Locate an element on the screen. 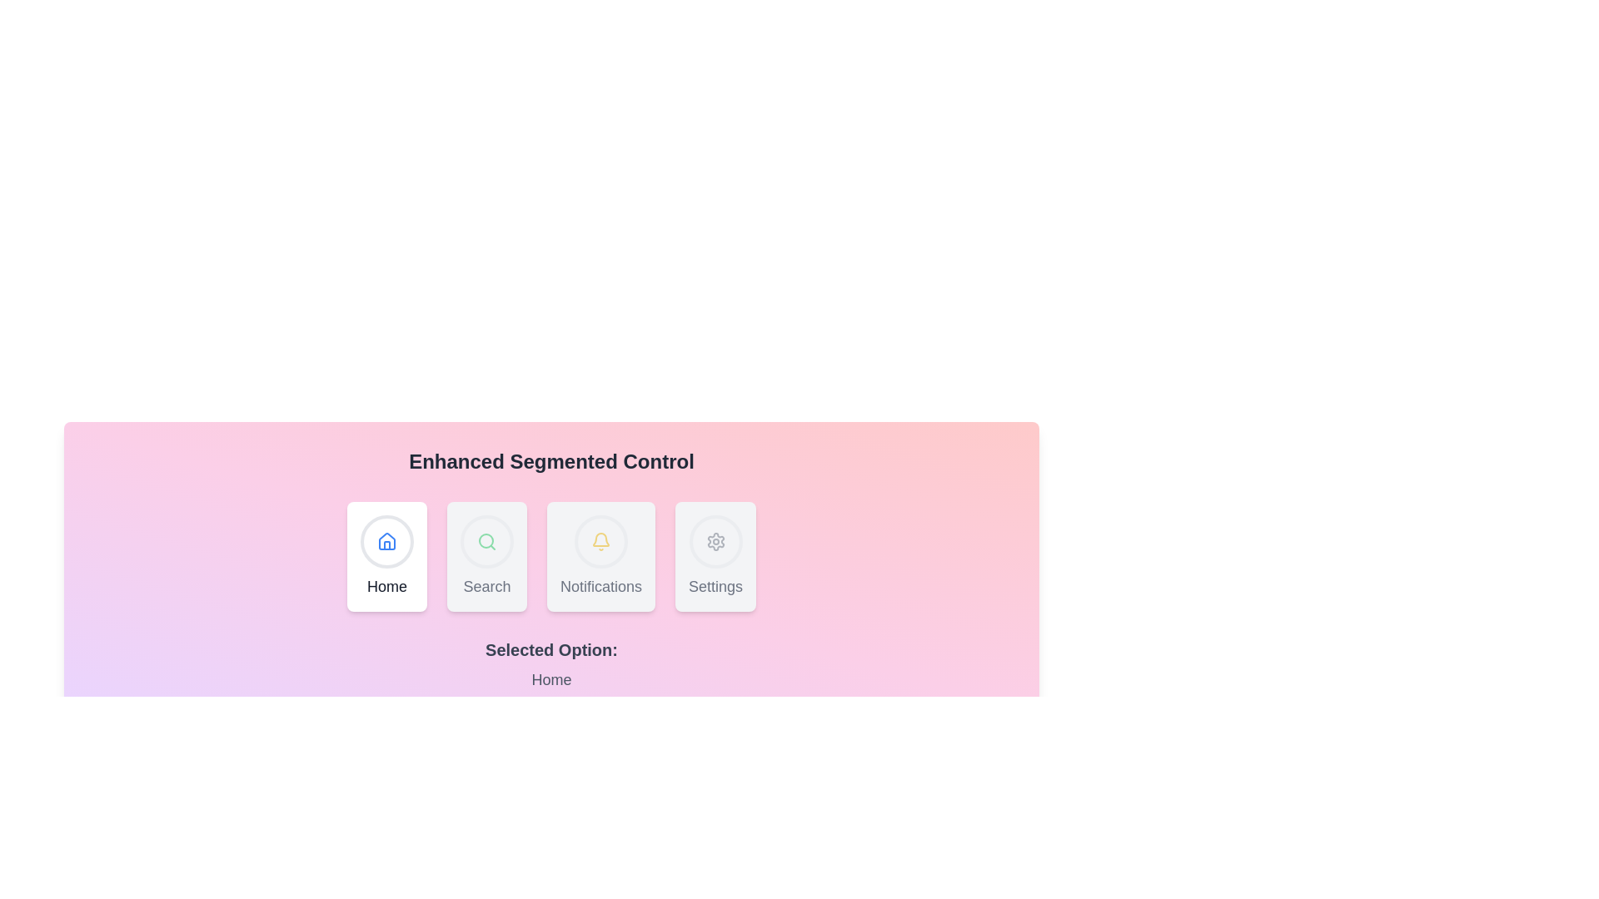 The height and width of the screenshot is (899, 1599). the 'Search' button with a magnifying glass icon, which is the second button in a row of four buttons, positioned between the 'Home' and 'Notifications' buttons is located at coordinates (486, 556).